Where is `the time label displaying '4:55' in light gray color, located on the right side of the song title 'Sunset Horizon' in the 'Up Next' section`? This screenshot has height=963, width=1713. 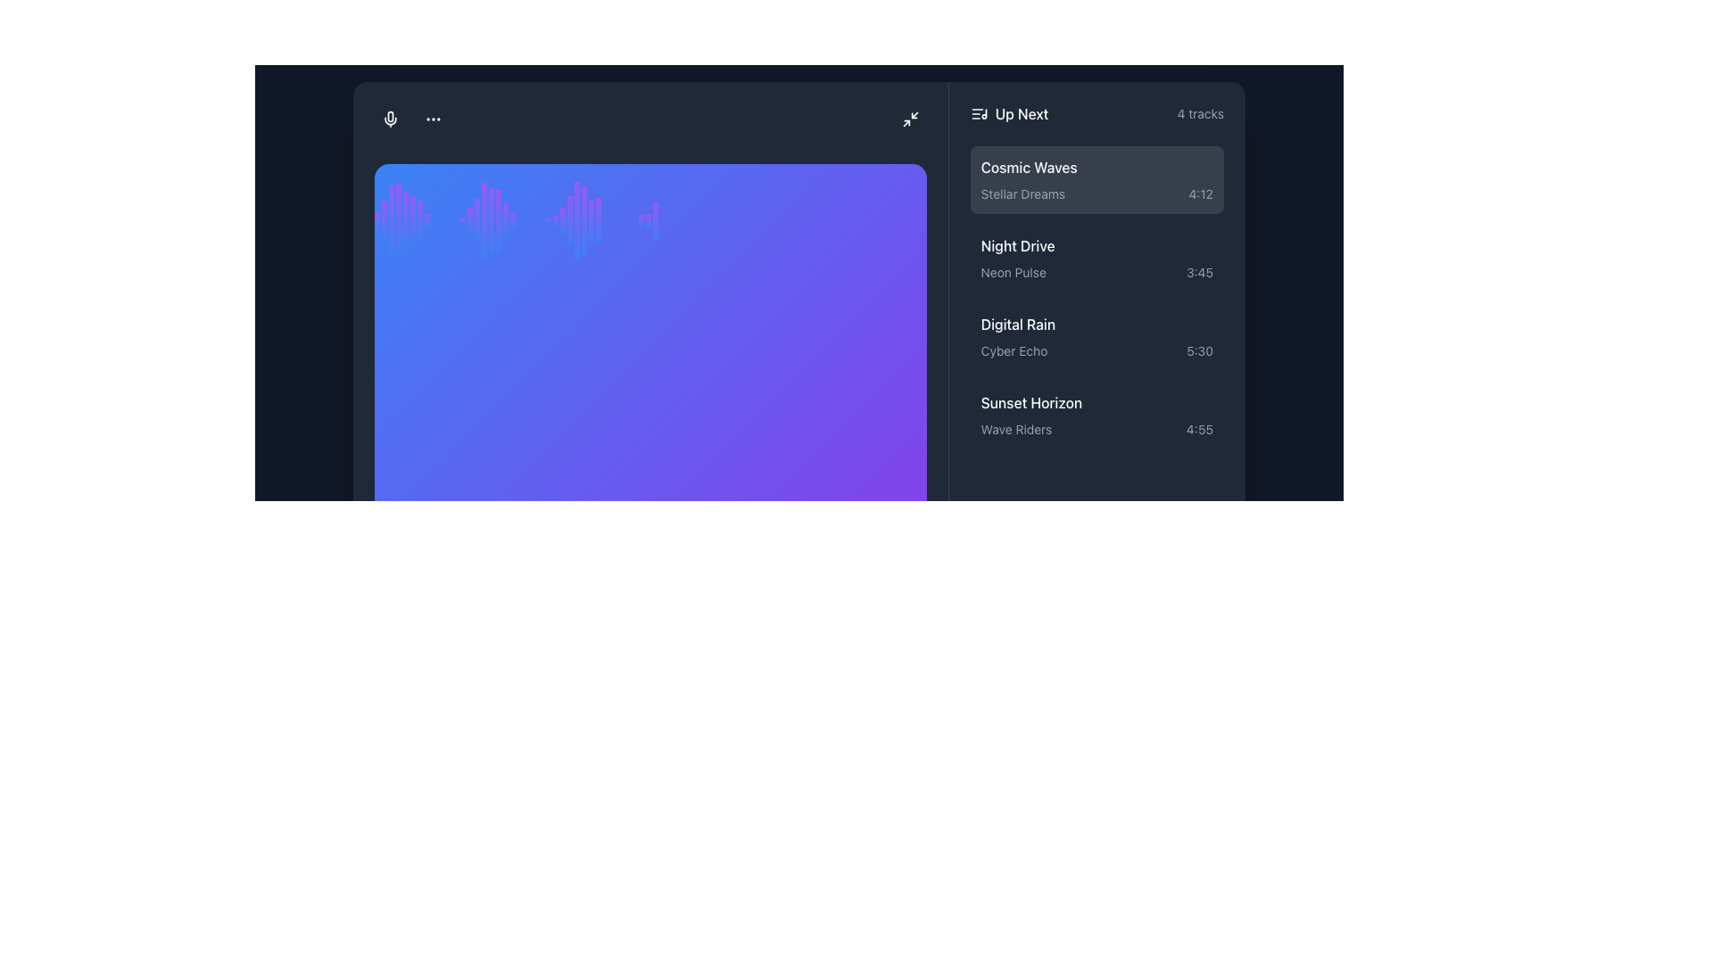 the time label displaying '4:55' in light gray color, located on the right side of the song title 'Sunset Horizon' in the 'Up Next' section is located at coordinates (1199, 429).